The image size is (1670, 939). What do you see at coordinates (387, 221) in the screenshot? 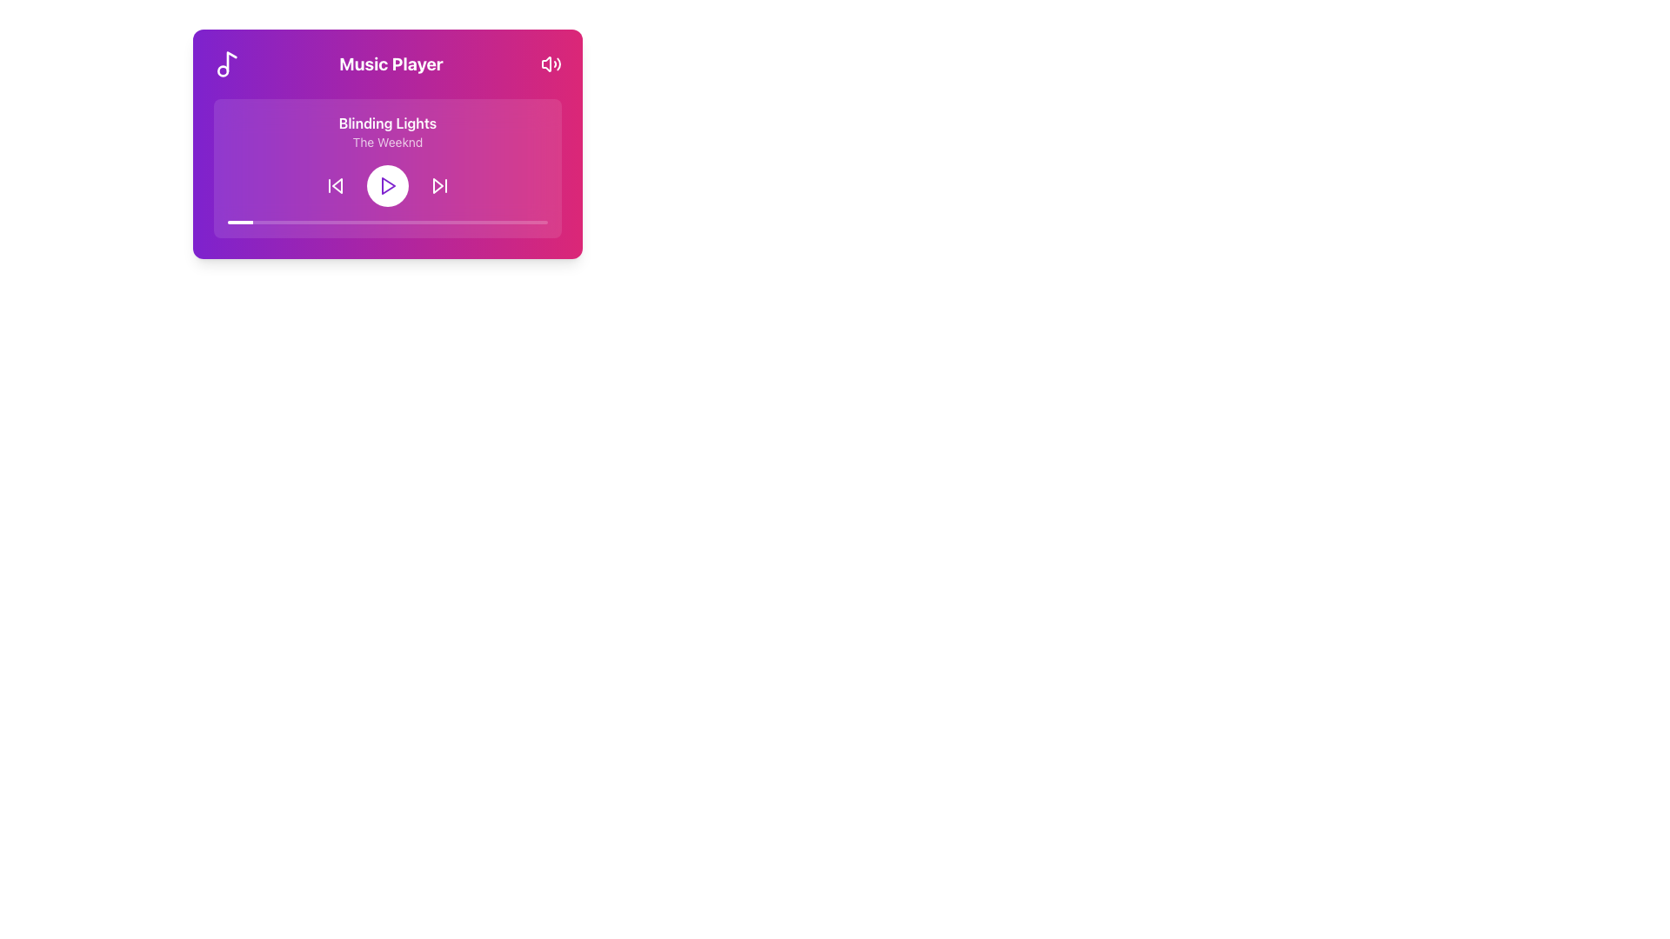
I see `the slim, horizontal progress bar located at the bottom of the media player interface, which serves as a progress indicator` at bounding box center [387, 221].